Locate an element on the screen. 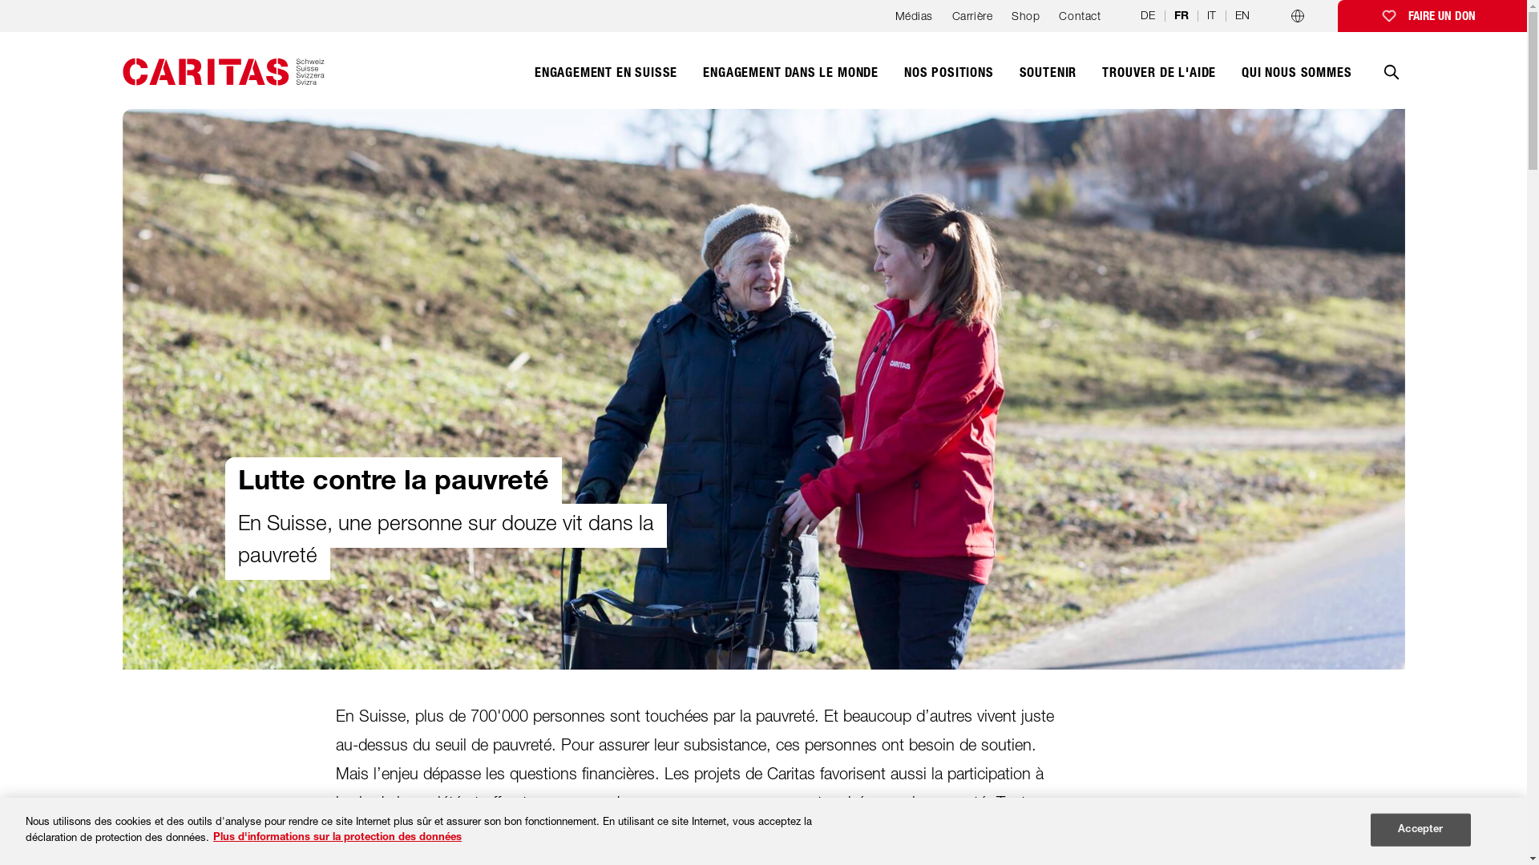  'DE' is located at coordinates (1146, 15).